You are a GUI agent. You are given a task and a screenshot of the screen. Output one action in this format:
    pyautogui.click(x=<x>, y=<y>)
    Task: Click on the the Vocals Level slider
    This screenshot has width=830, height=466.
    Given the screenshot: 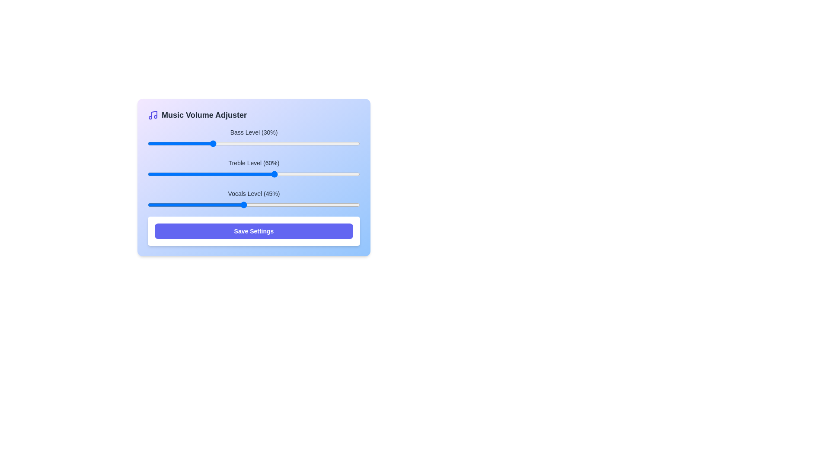 What is the action you would take?
    pyautogui.click(x=268, y=205)
    